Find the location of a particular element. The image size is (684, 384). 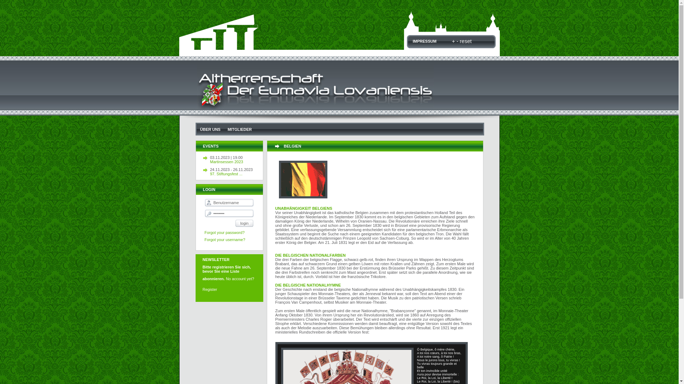

'97. Stiftungsfest ...' is located at coordinates (236, 174).